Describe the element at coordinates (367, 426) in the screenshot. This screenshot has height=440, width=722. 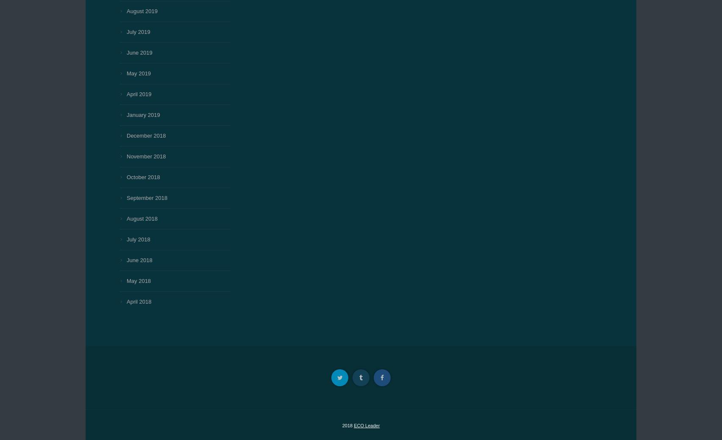
I see `'ECO Leader'` at that location.